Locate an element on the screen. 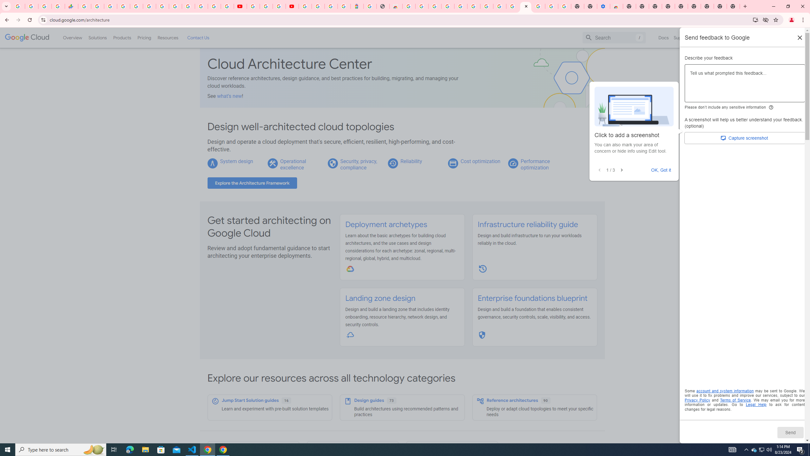  'Android TV Policies and Guidelines - Transparency Center' is located at coordinates (162, 6).